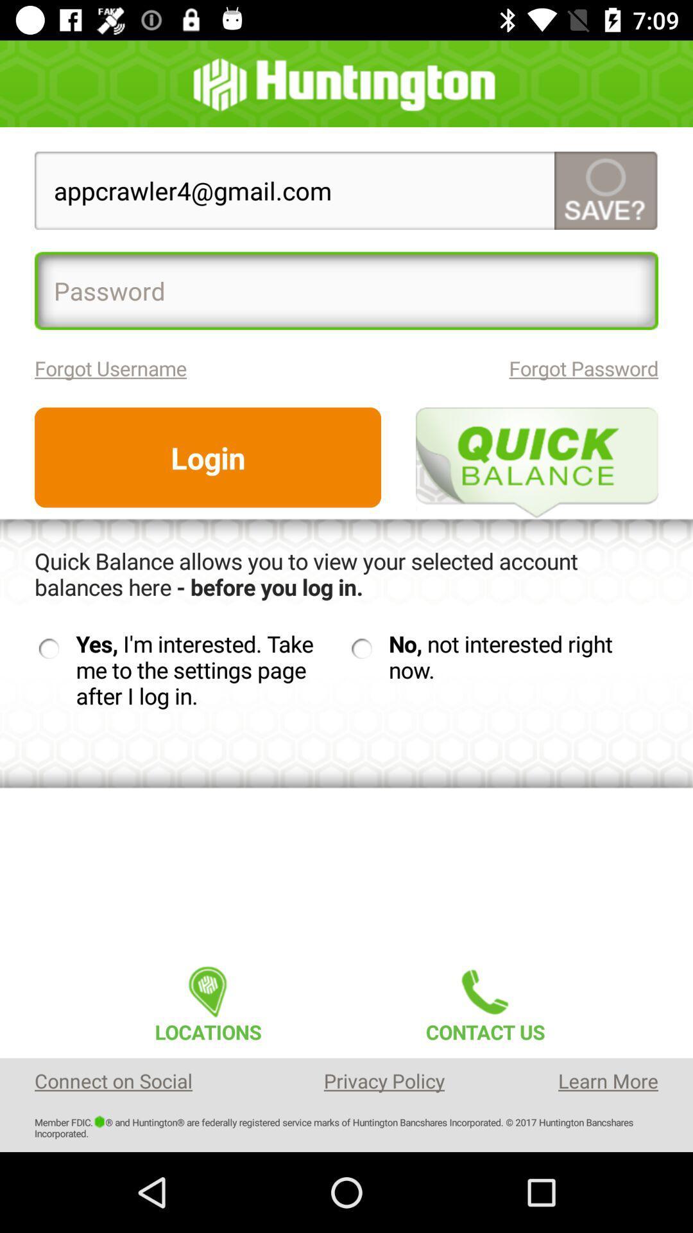  What do you see at coordinates (485, 1000) in the screenshot?
I see `the item above privacy policy icon` at bounding box center [485, 1000].